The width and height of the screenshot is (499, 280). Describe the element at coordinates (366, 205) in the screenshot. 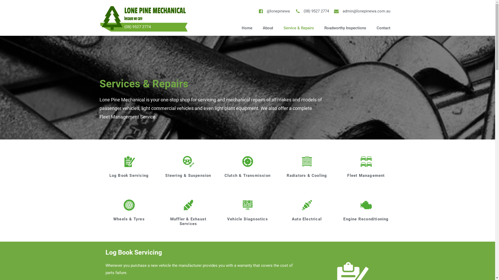

I see `'engine green'` at that location.